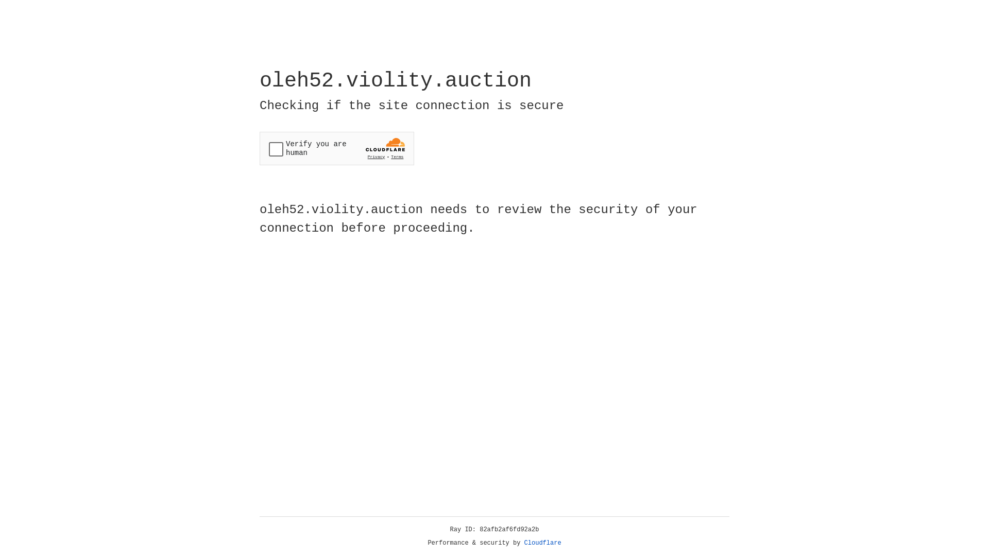 This screenshot has width=989, height=556. What do you see at coordinates (336, 148) in the screenshot?
I see `'Widget containing a Cloudflare security challenge'` at bounding box center [336, 148].